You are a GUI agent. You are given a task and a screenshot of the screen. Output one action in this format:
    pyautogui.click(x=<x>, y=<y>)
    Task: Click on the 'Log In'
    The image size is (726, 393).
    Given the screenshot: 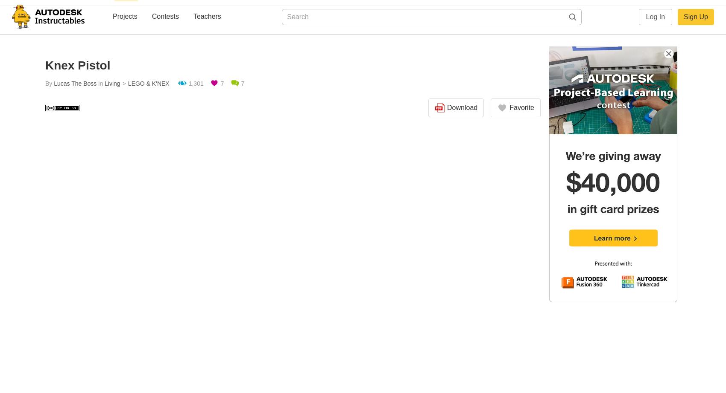 What is the action you would take?
    pyautogui.click(x=645, y=17)
    